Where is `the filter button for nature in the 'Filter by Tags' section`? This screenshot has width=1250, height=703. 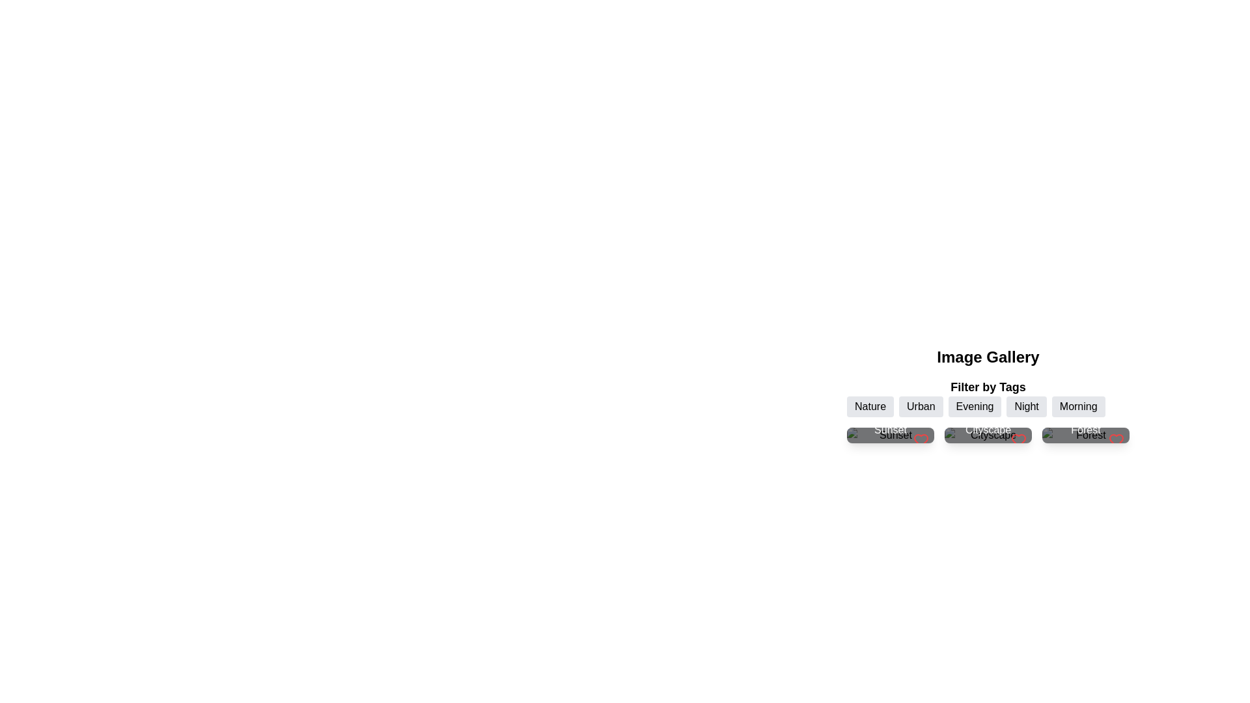
the filter button for nature in the 'Filter by Tags' section is located at coordinates (870, 406).